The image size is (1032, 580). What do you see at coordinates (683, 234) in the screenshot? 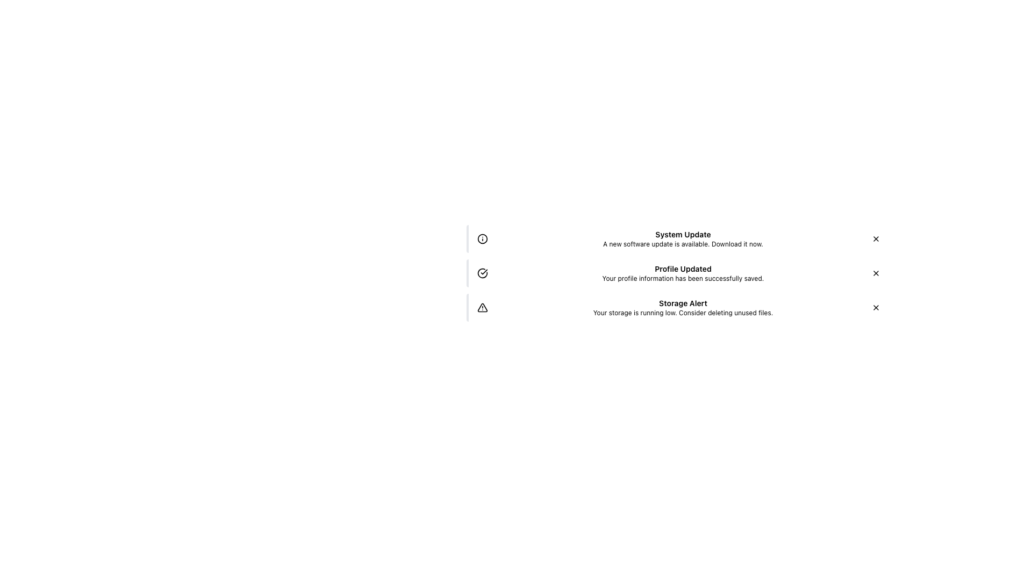
I see `the non-interactive Text Label that serves as the headline for a notification about a system update, positioned at the top of a list of notifications` at bounding box center [683, 234].